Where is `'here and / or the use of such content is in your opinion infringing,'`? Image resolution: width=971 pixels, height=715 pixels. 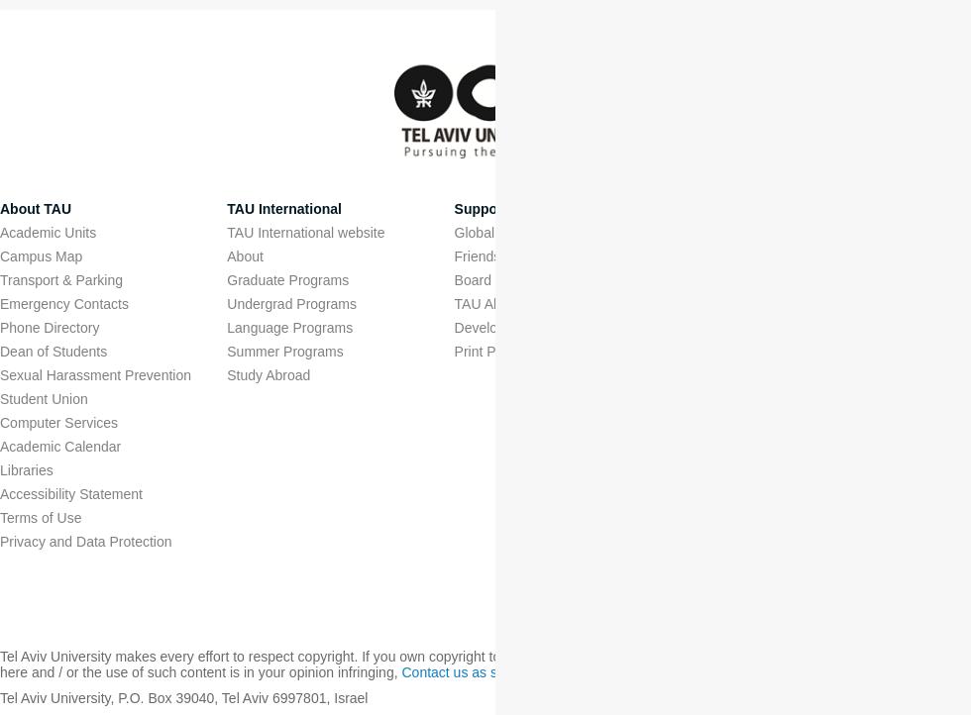
'here and / or the use of such content is in your opinion infringing,' is located at coordinates (200, 670).